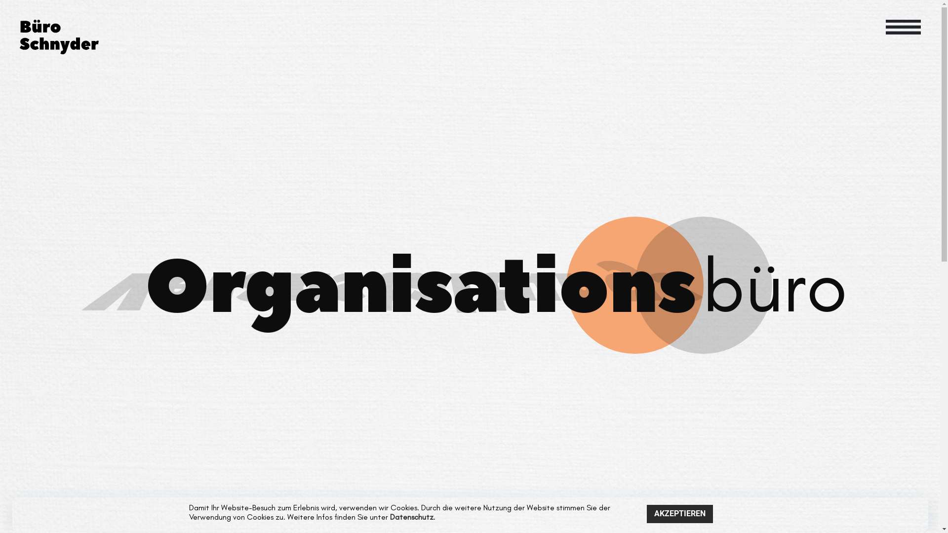 This screenshot has width=948, height=533. I want to click on 'AKZEPTIEREN', so click(647, 513).